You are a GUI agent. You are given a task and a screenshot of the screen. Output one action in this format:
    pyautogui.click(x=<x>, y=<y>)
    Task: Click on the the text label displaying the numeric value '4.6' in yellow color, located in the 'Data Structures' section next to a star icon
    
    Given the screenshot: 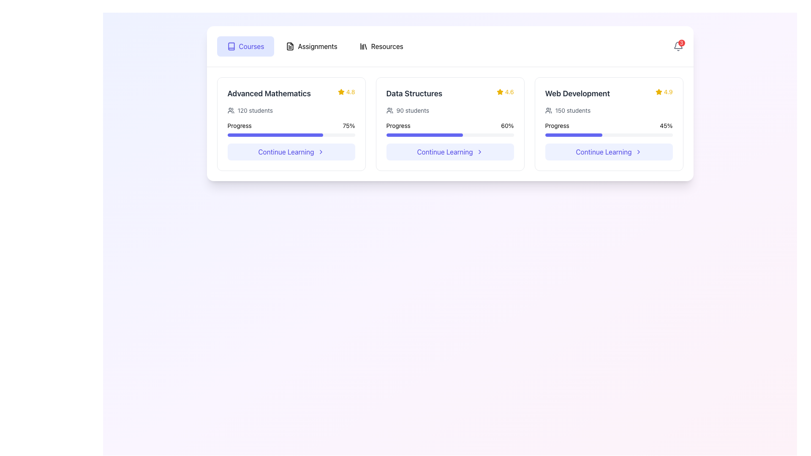 What is the action you would take?
    pyautogui.click(x=509, y=92)
    